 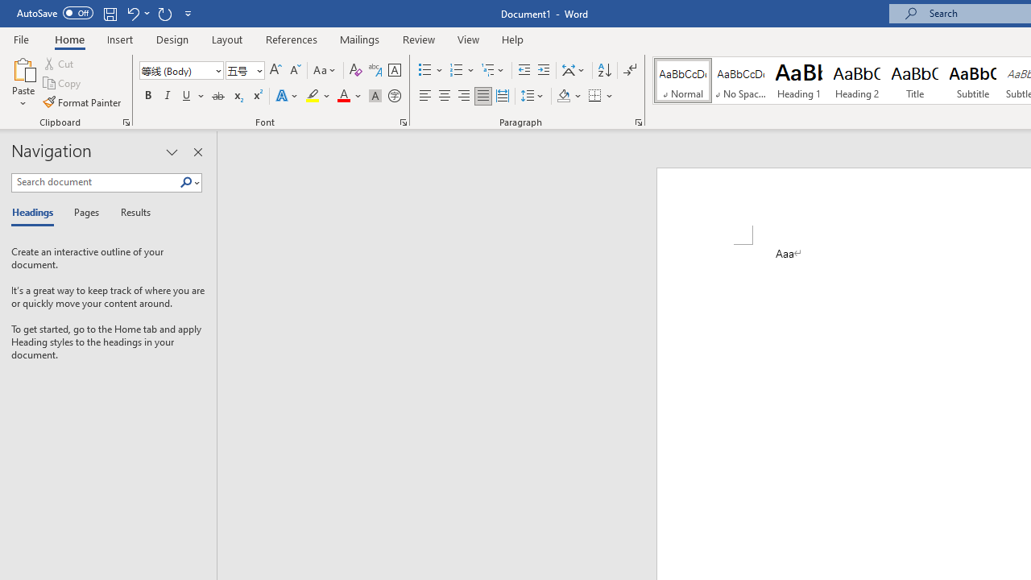 What do you see at coordinates (349, 96) in the screenshot?
I see `'Font Color'` at bounding box center [349, 96].